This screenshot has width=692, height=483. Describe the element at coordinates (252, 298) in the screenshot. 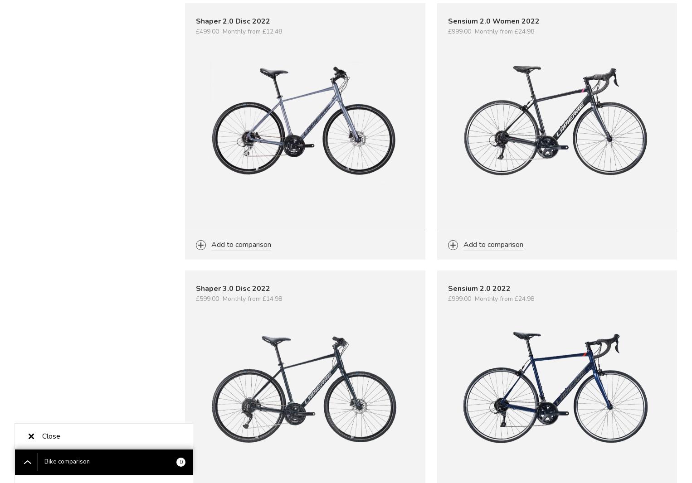

I see `'Monthly from £14.98'` at that location.